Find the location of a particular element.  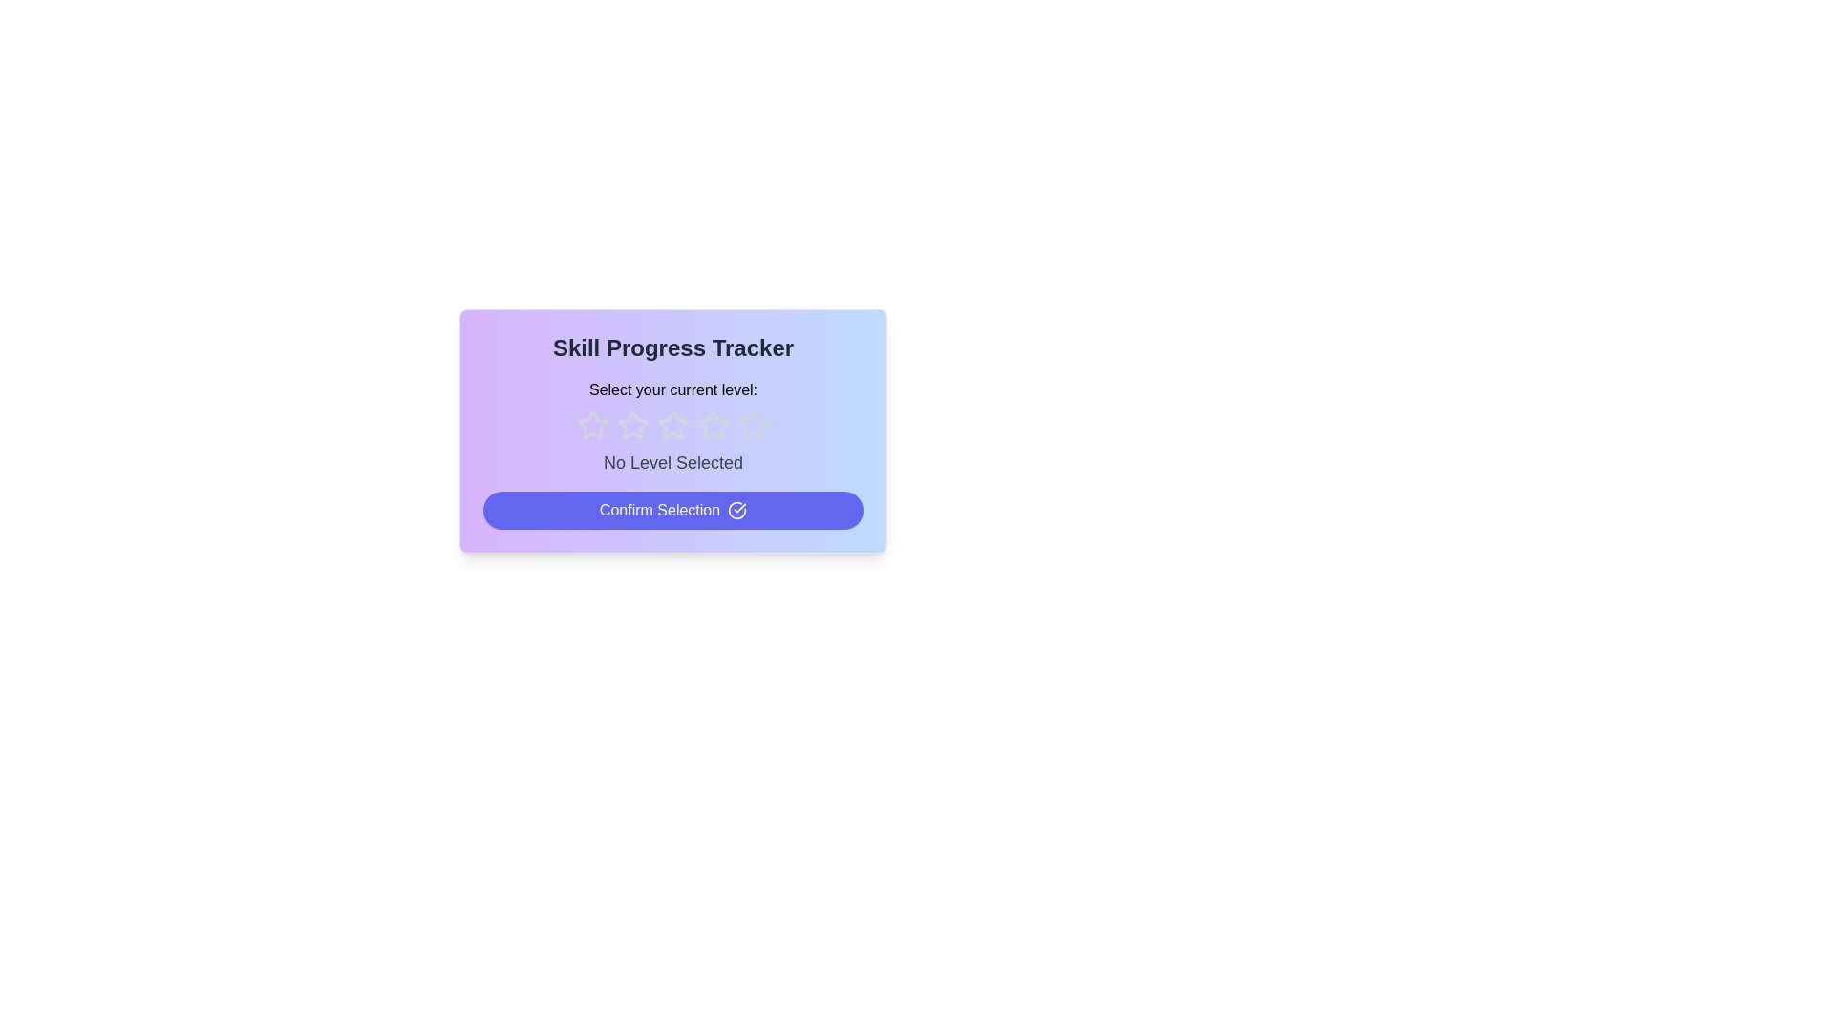

the 'Confirm Selection' button to finalize the rating is located at coordinates (673, 510).